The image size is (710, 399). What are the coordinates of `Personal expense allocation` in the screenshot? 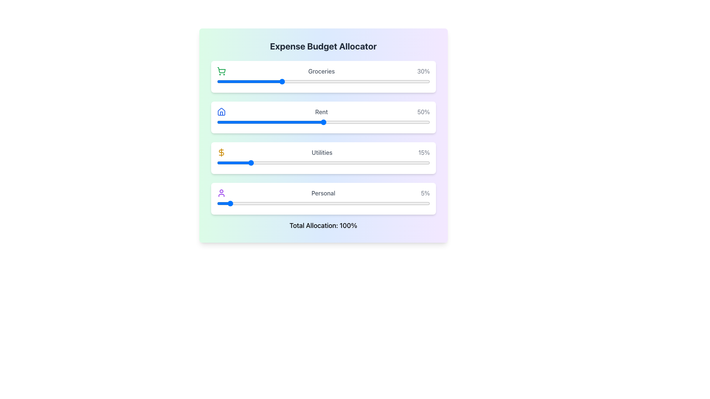 It's located at (391, 204).